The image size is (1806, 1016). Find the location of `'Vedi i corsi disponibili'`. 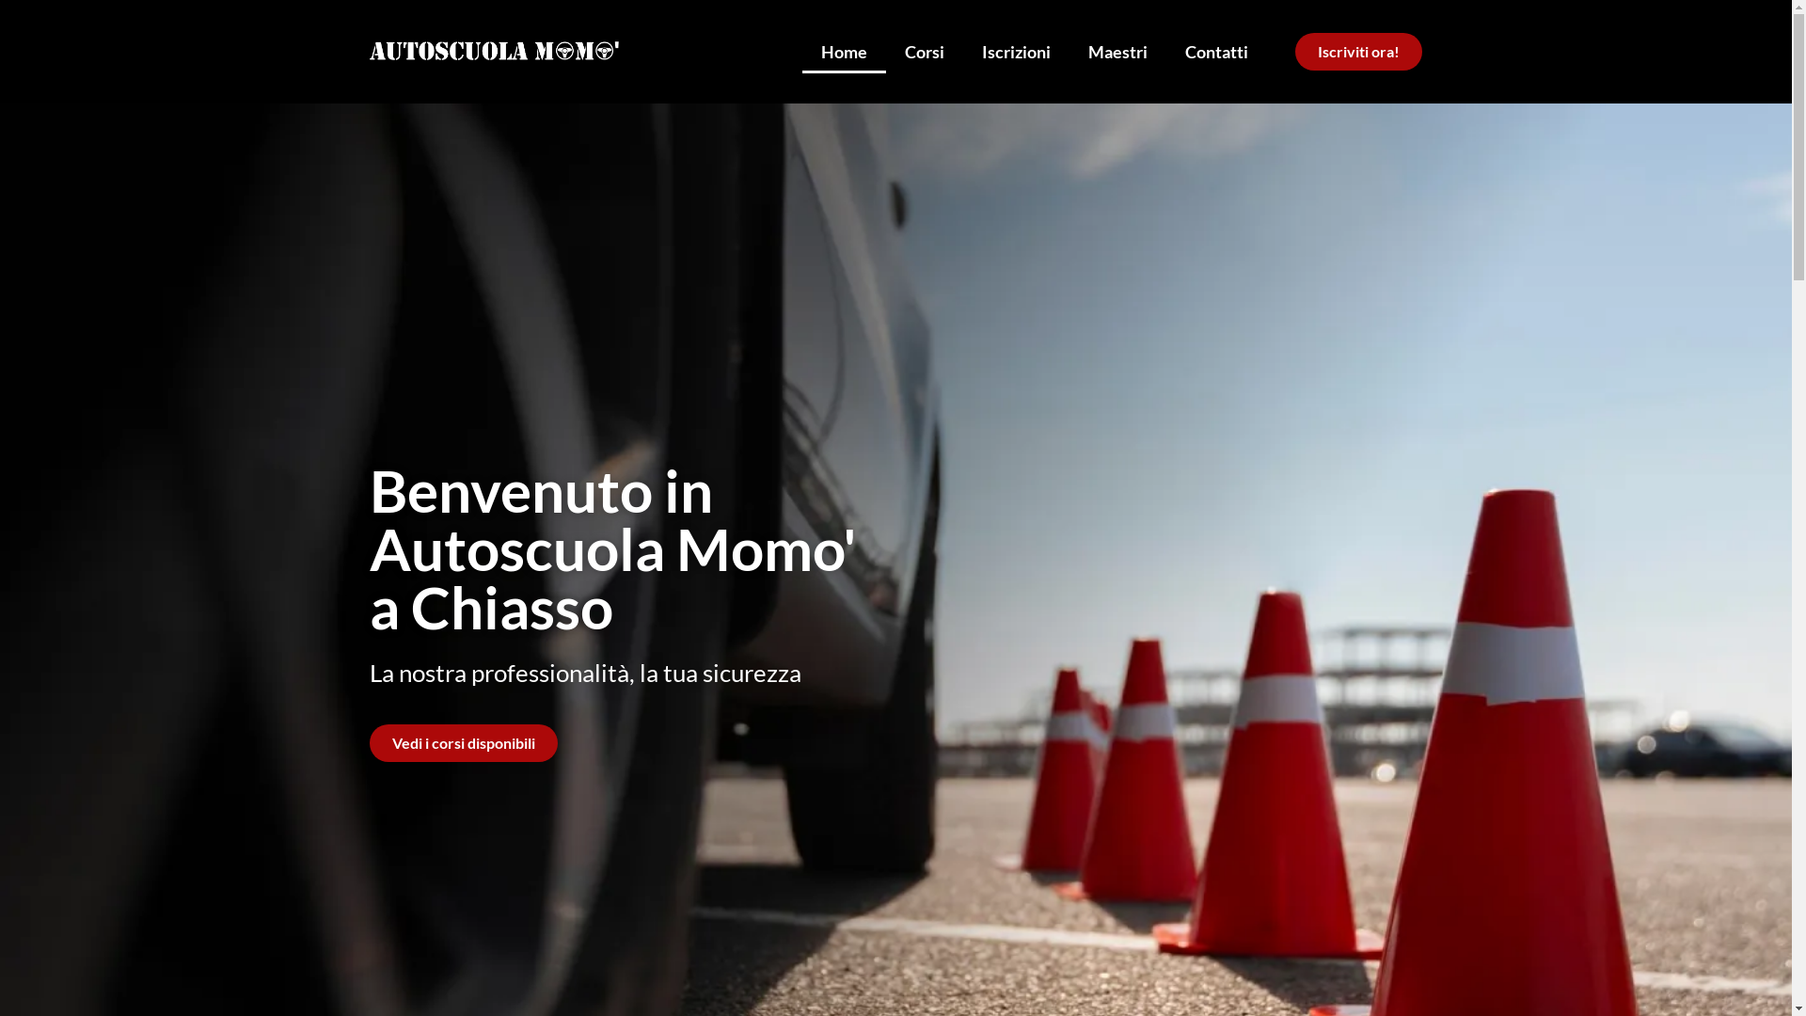

'Vedi i corsi disponibili' is located at coordinates (462, 742).